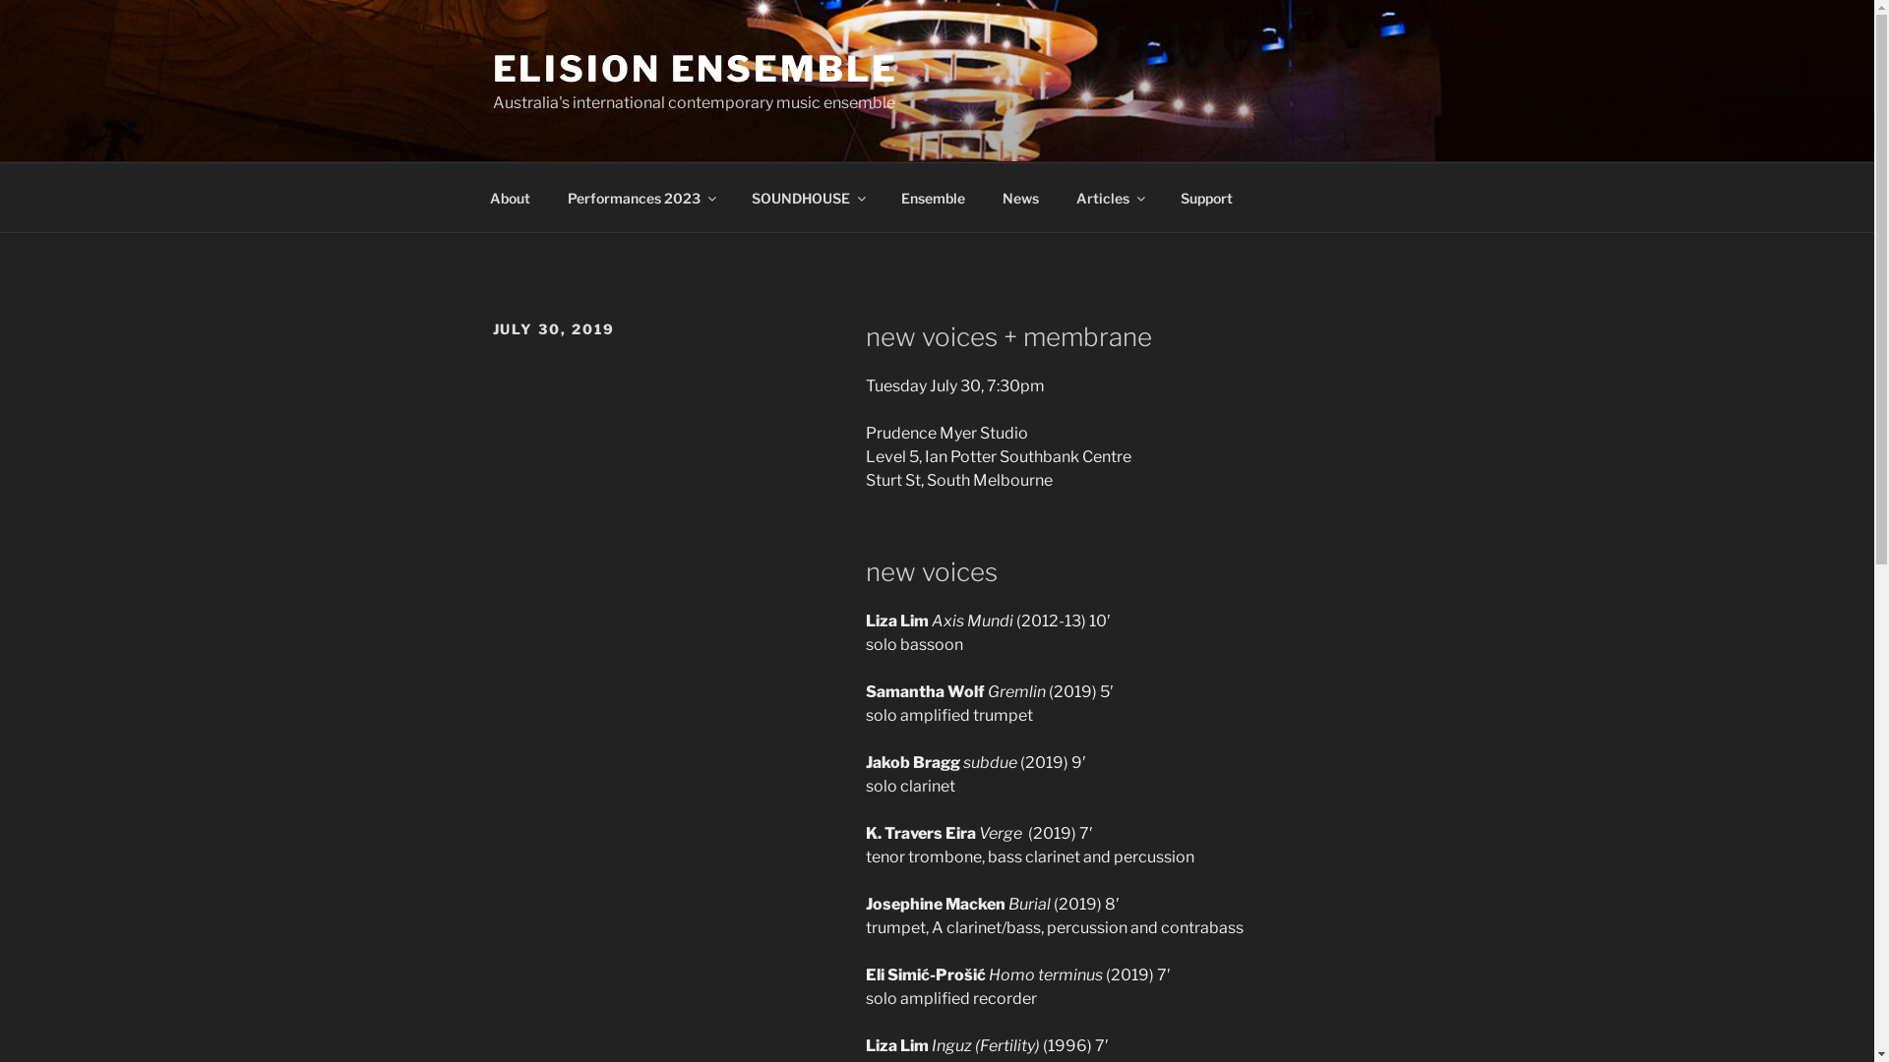 The width and height of the screenshot is (1889, 1062). What do you see at coordinates (932, 197) in the screenshot?
I see `'Ensemble'` at bounding box center [932, 197].